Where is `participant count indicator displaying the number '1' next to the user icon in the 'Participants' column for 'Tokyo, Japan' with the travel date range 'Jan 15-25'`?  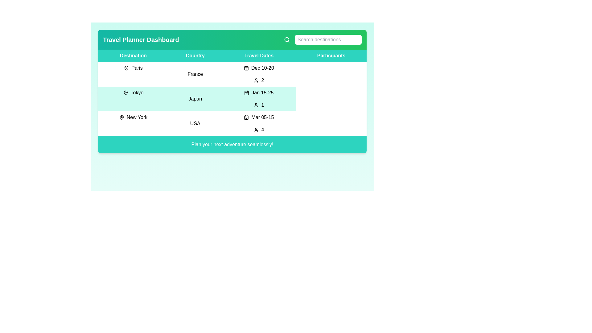
participant count indicator displaying the number '1' next to the user icon in the 'Participants' column for 'Tokyo, Japan' with the travel date range 'Jan 15-25' is located at coordinates (259, 105).